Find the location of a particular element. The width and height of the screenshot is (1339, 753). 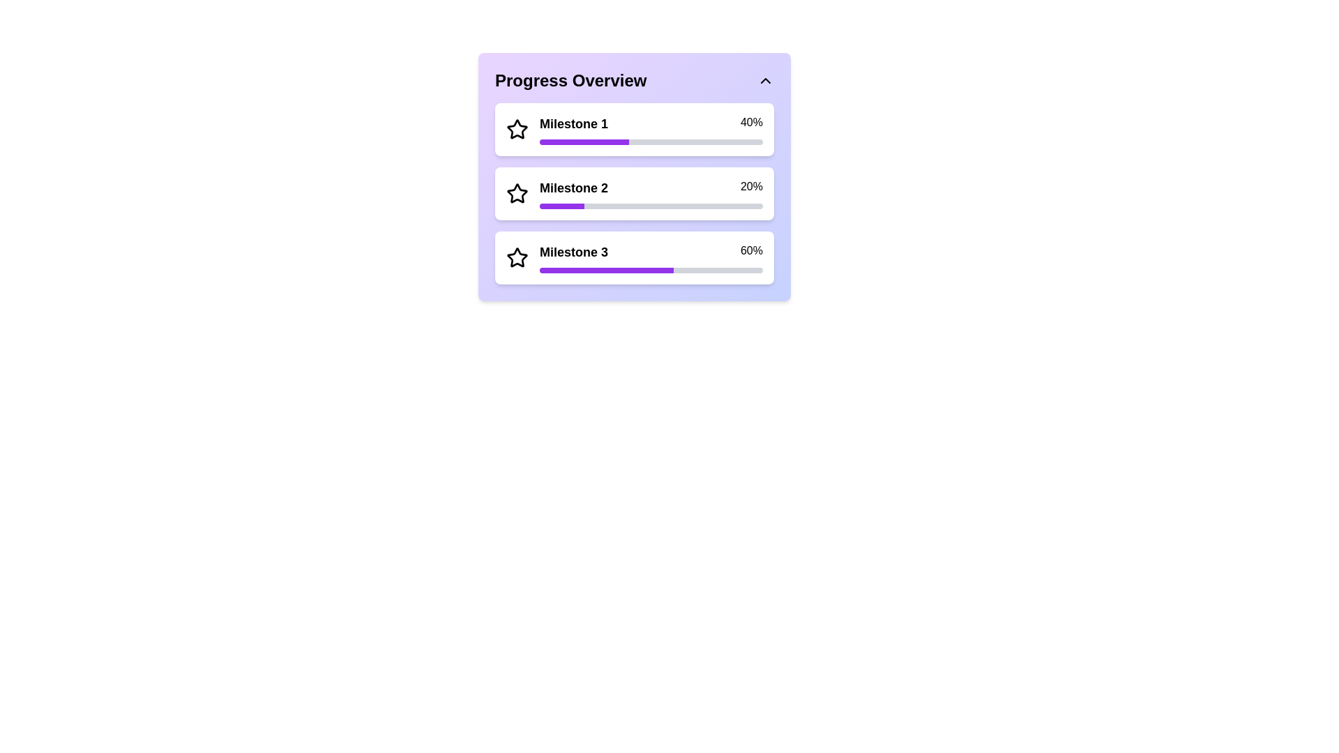

the static text label displaying '40%' which is styled in black sans-serif font and is positioned adjacent to the 'Milestone 1' label is located at coordinates (750, 123).